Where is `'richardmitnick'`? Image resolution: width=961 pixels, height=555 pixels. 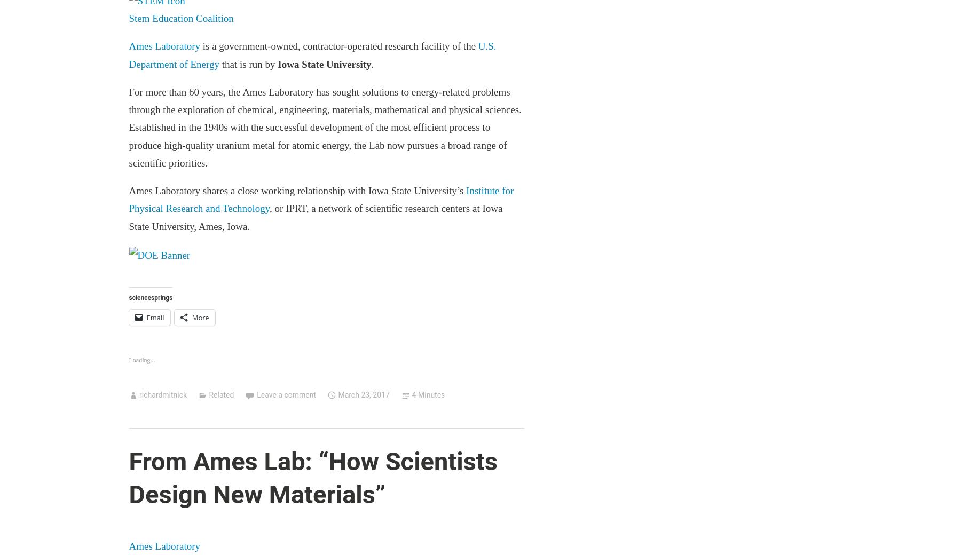 'richardmitnick' is located at coordinates (162, 394).